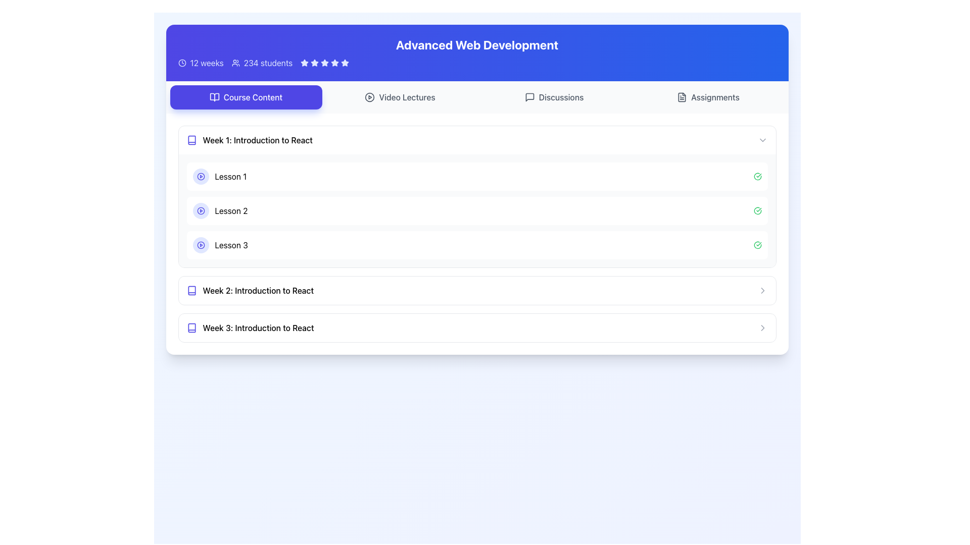  Describe the element at coordinates (191, 140) in the screenshot. I see `the icon located to the direct left of the text element 'Week 1: Introduction to React'` at that location.